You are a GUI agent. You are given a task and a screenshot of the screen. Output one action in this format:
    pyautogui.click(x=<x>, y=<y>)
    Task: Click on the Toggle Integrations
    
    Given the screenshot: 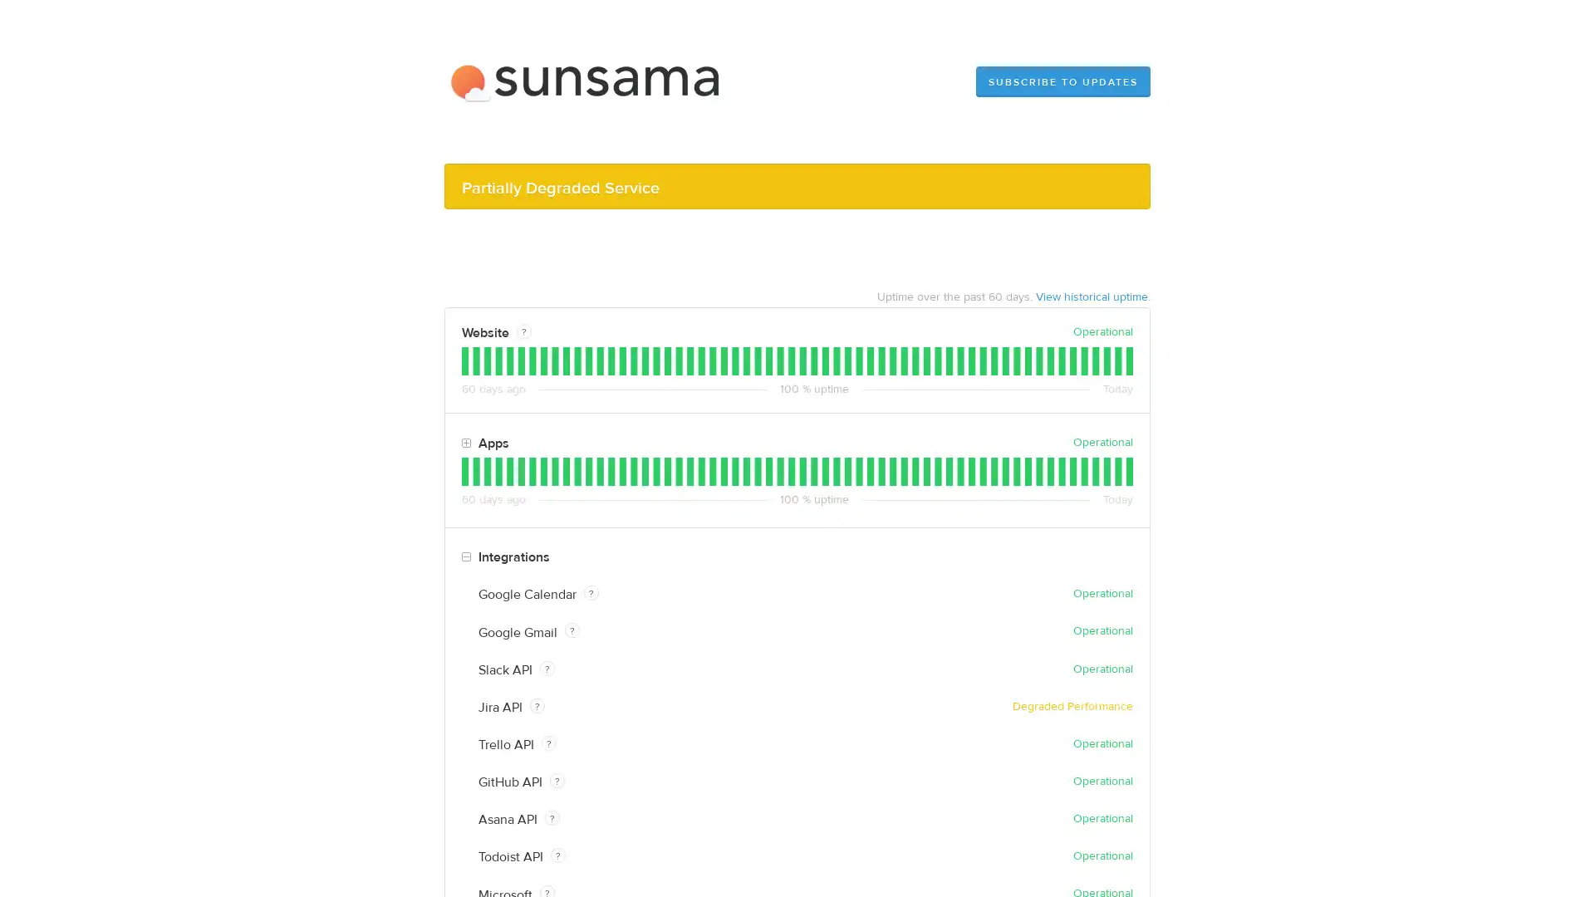 What is the action you would take?
    pyautogui.click(x=465, y=557)
    